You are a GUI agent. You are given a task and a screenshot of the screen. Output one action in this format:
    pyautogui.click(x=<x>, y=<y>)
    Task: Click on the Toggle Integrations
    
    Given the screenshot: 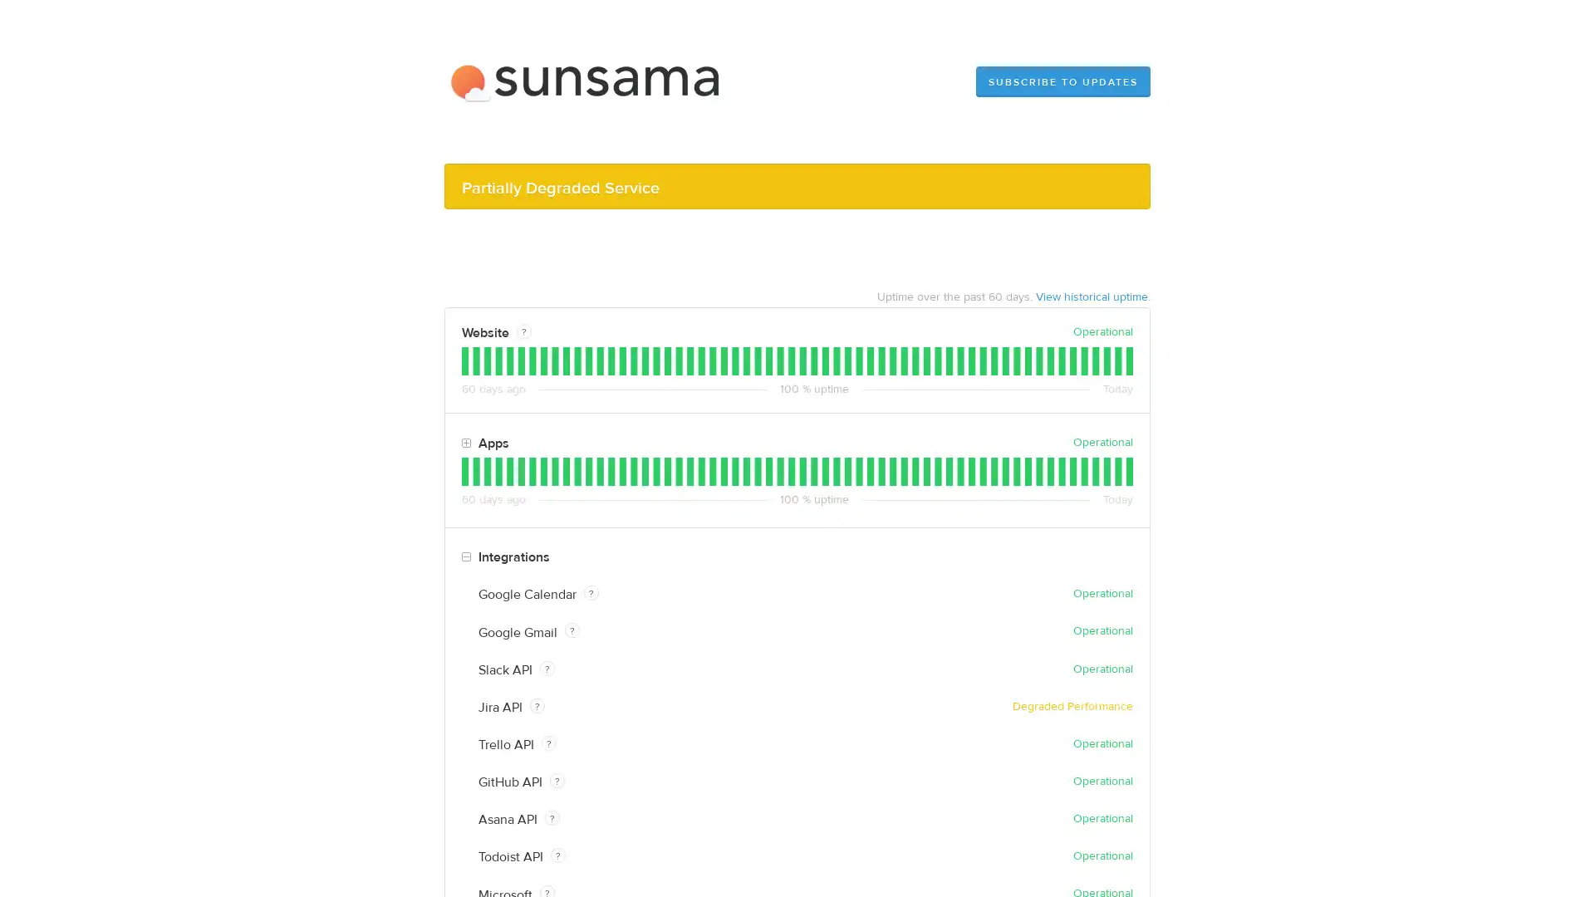 What is the action you would take?
    pyautogui.click(x=465, y=557)
    